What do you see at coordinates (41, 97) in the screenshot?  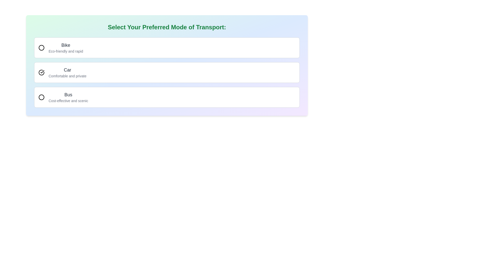 I see `the radio button indicating the selection of the 'Bus' option` at bounding box center [41, 97].